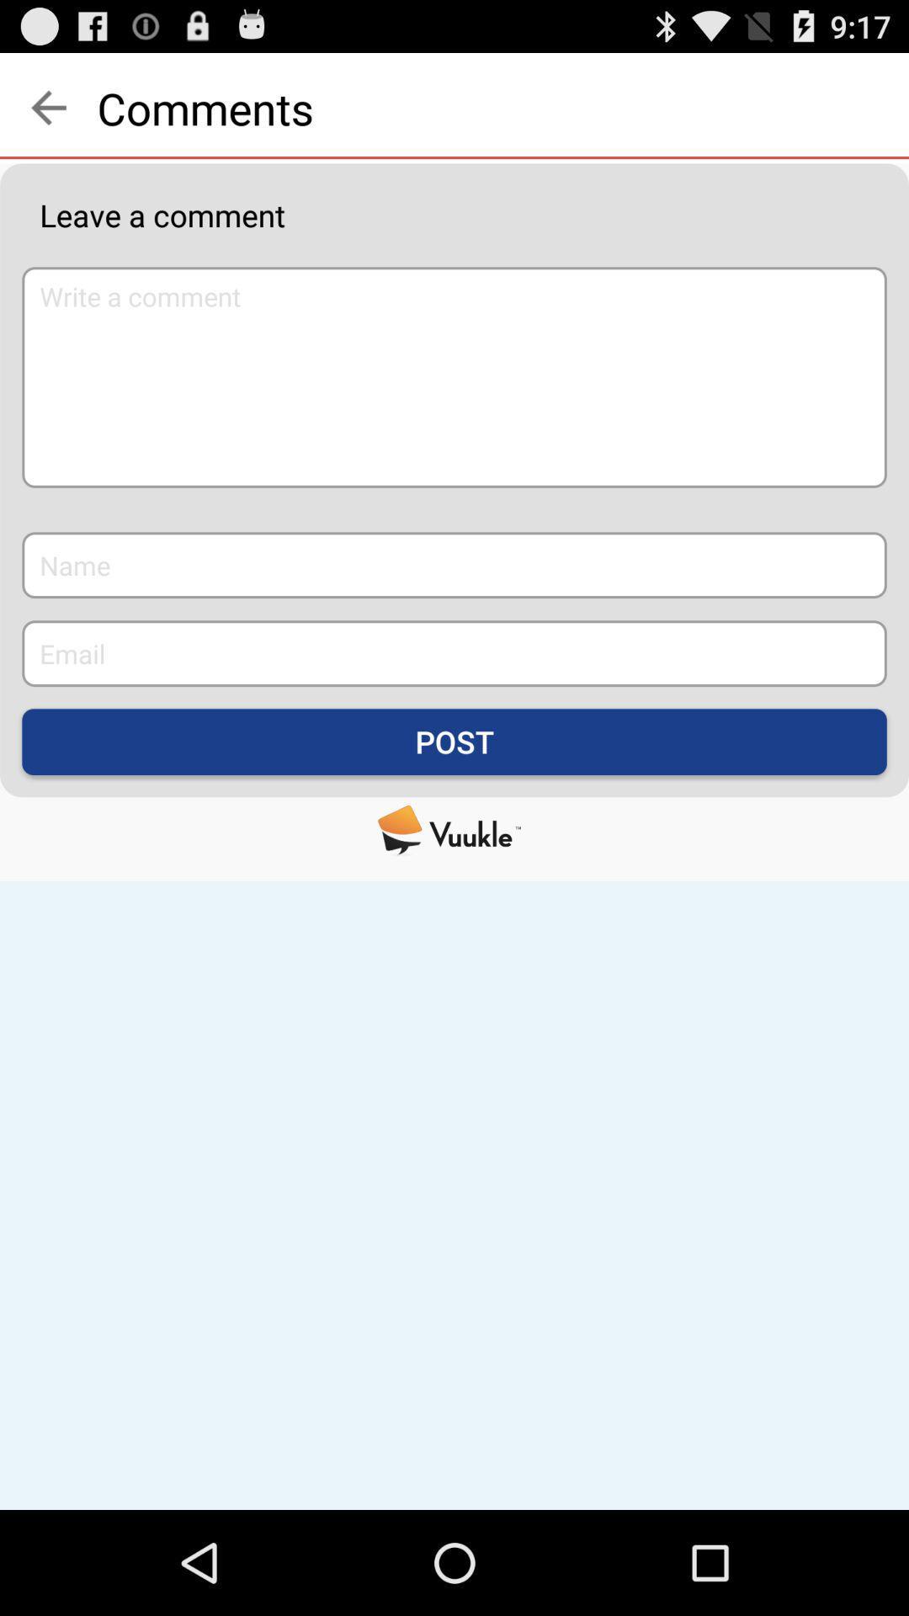 This screenshot has width=909, height=1616. What do you see at coordinates (454, 741) in the screenshot?
I see `the post icon` at bounding box center [454, 741].